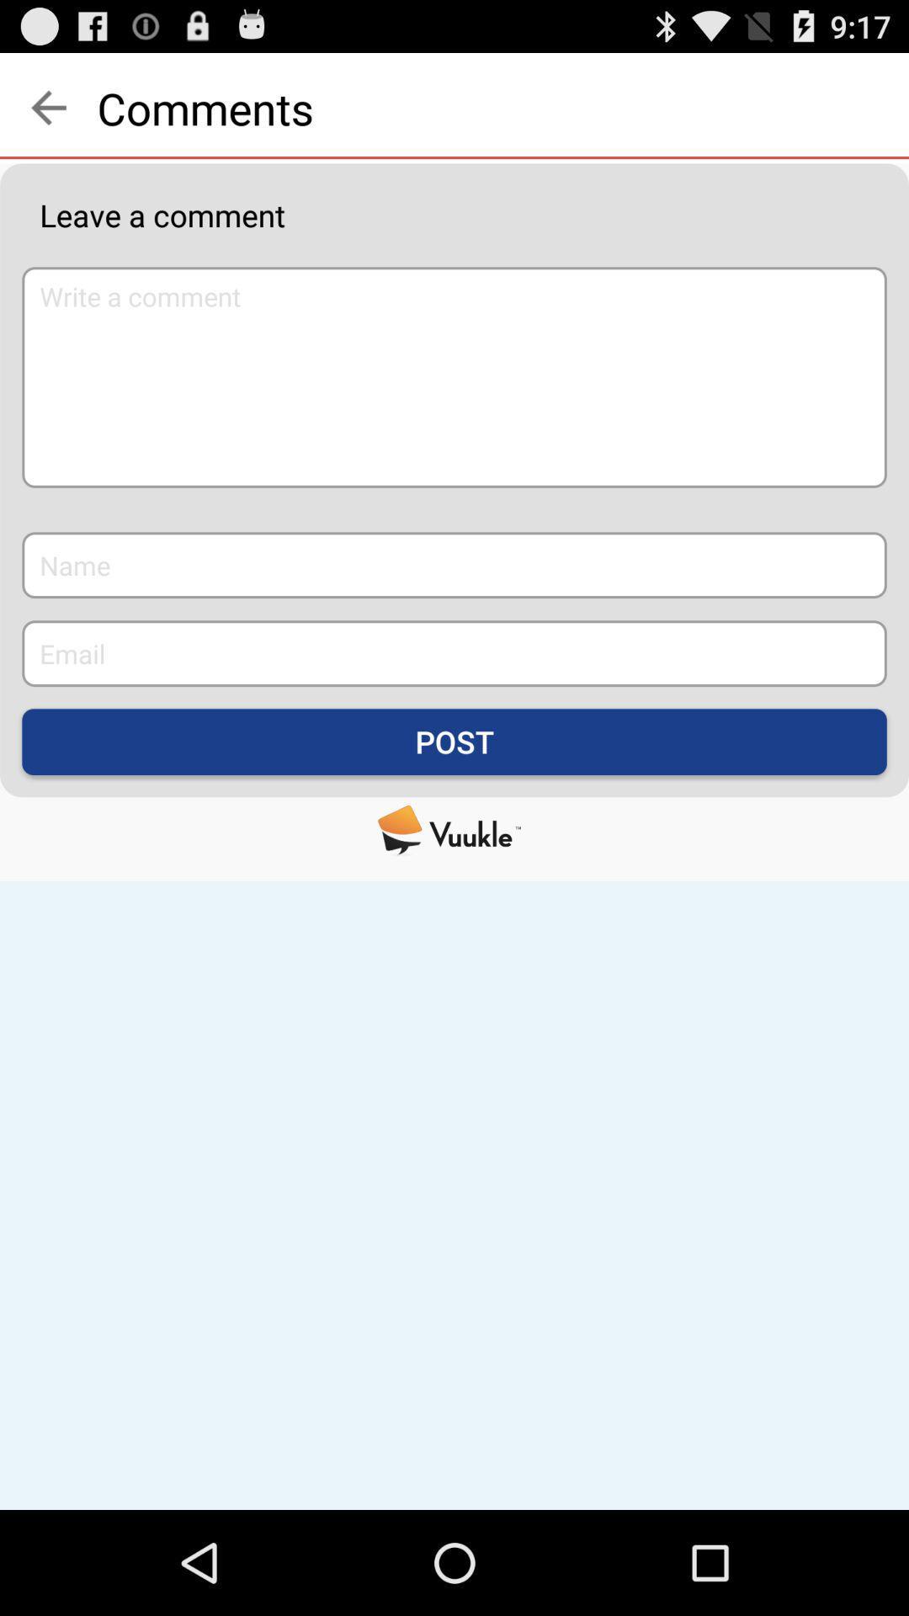 This screenshot has width=909, height=1616. What do you see at coordinates (454, 741) in the screenshot?
I see `the post icon` at bounding box center [454, 741].